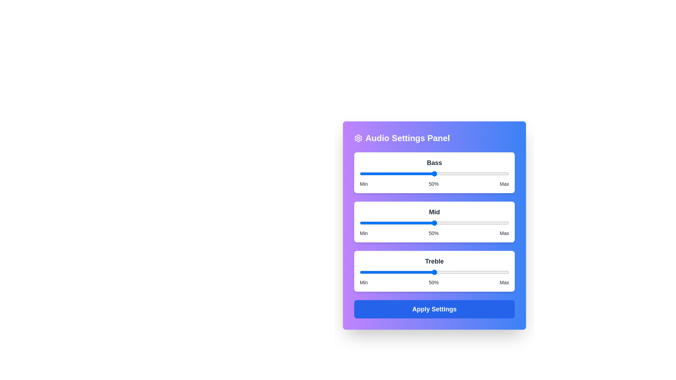 This screenshot has height=380, width=676. Describe the element at coordinates (504, 223) in the screenshot. I see `slider` at that location.